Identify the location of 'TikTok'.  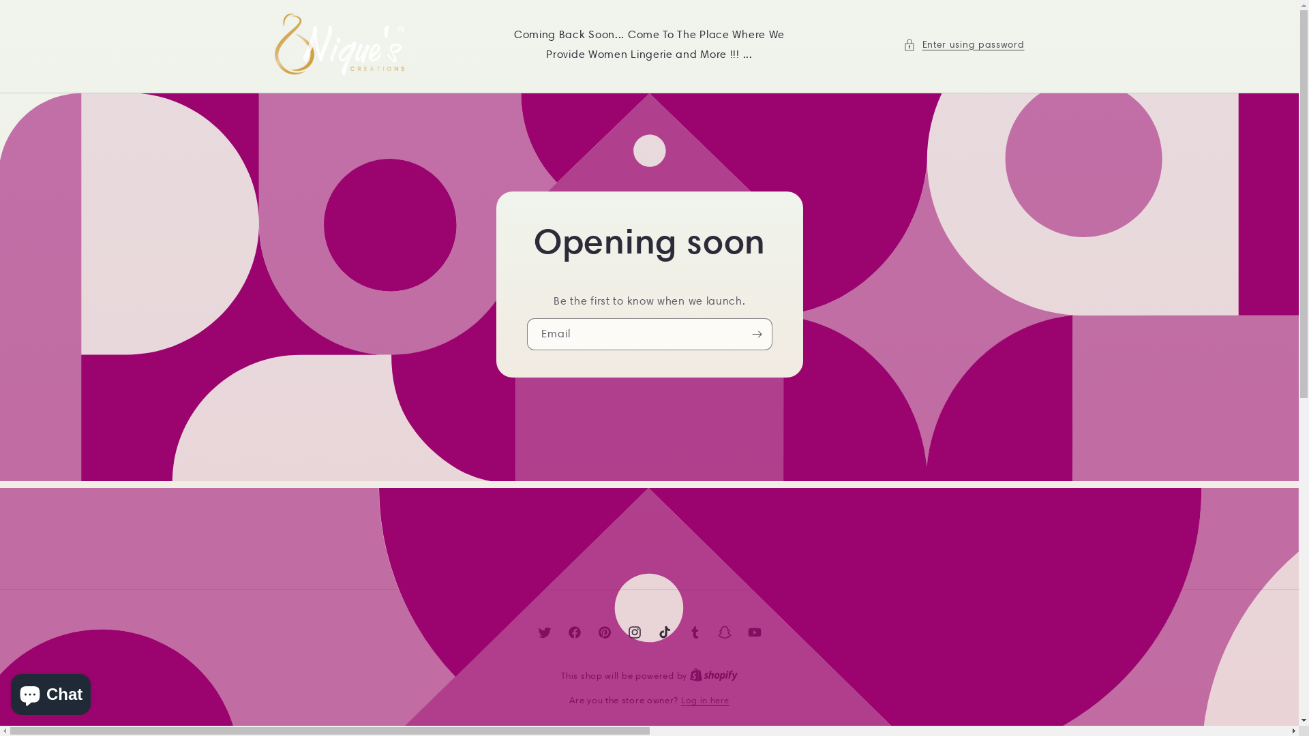
(664, 632).